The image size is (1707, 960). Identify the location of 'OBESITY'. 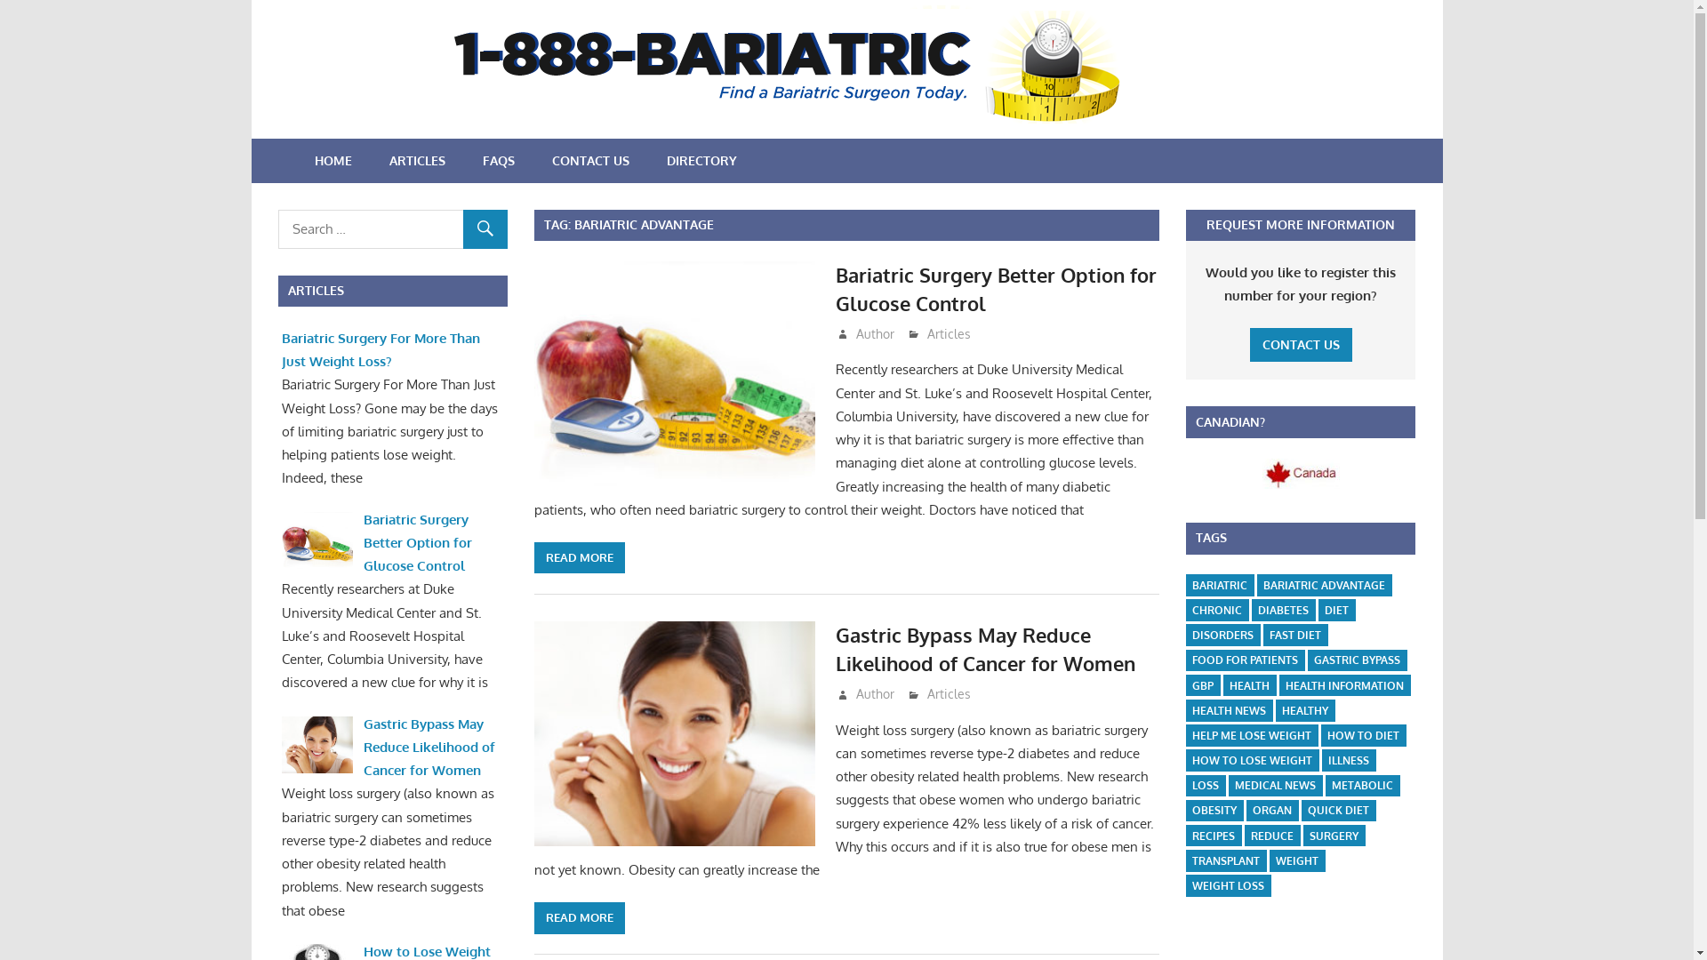
(1186, 811).